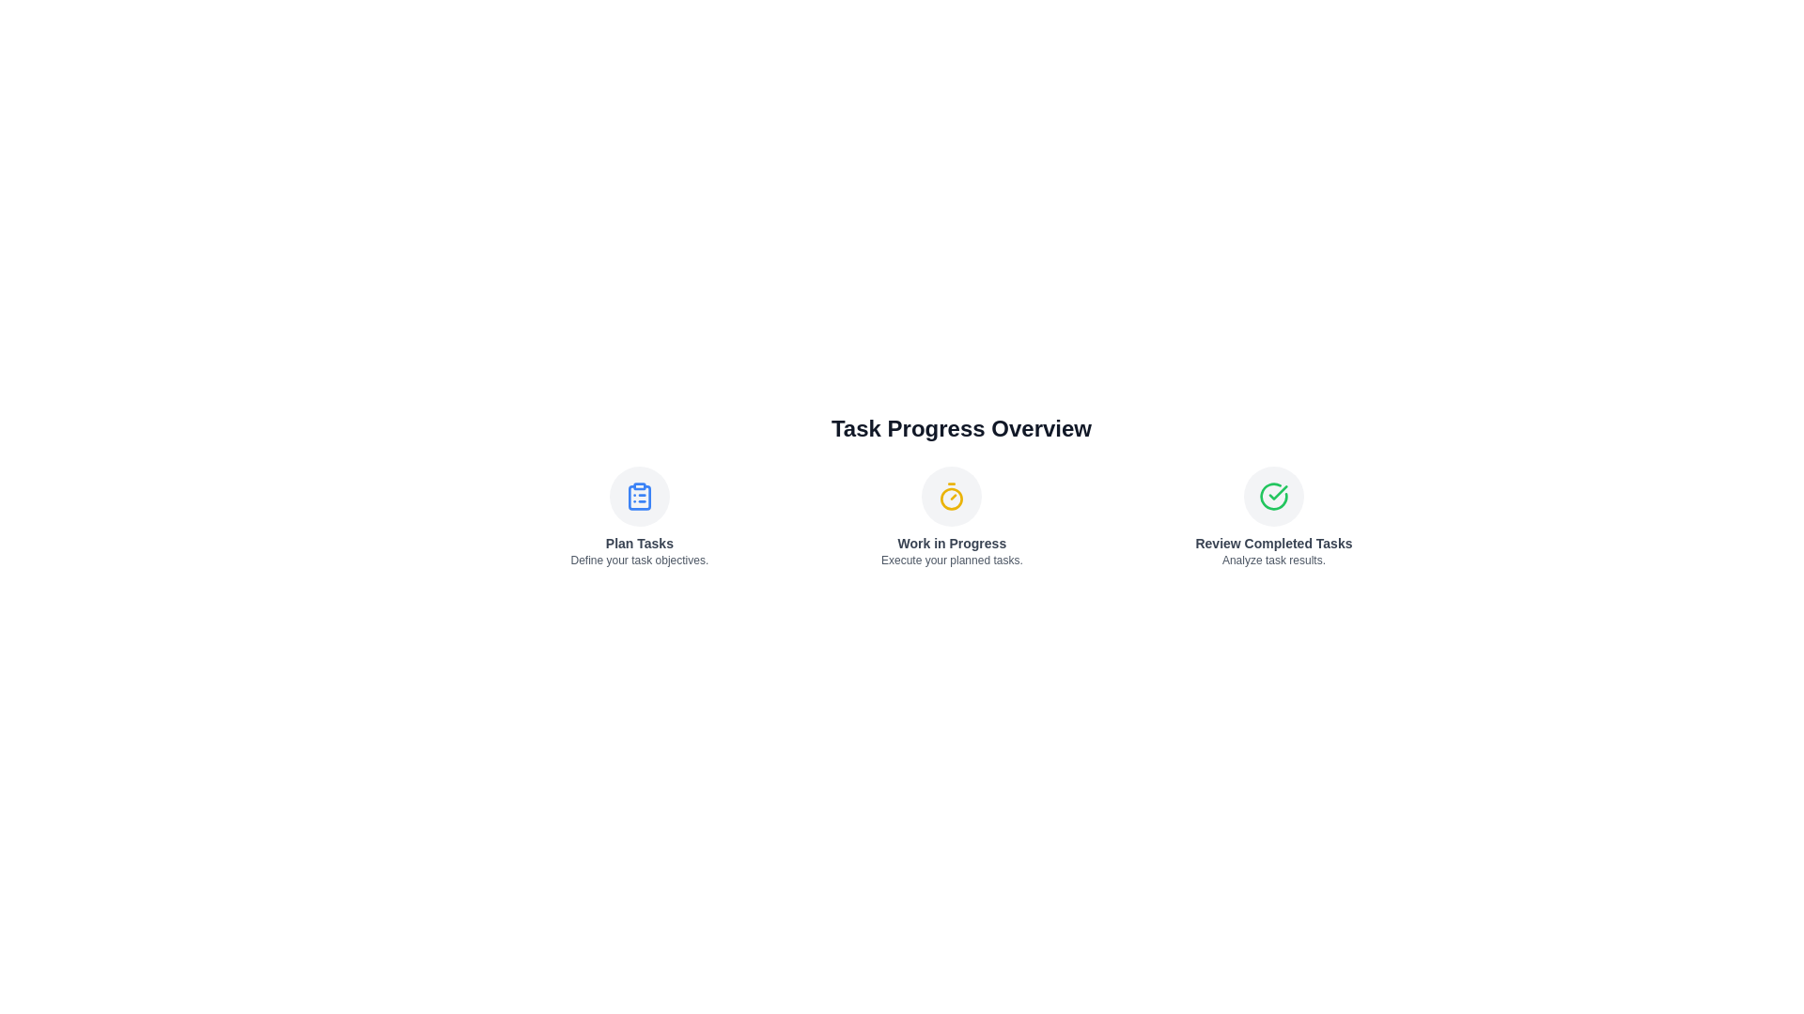  Describe the element at coordinates (952, 543) in the screenshot. I see `the text of the step titled 'Work in Progress'` at that location.